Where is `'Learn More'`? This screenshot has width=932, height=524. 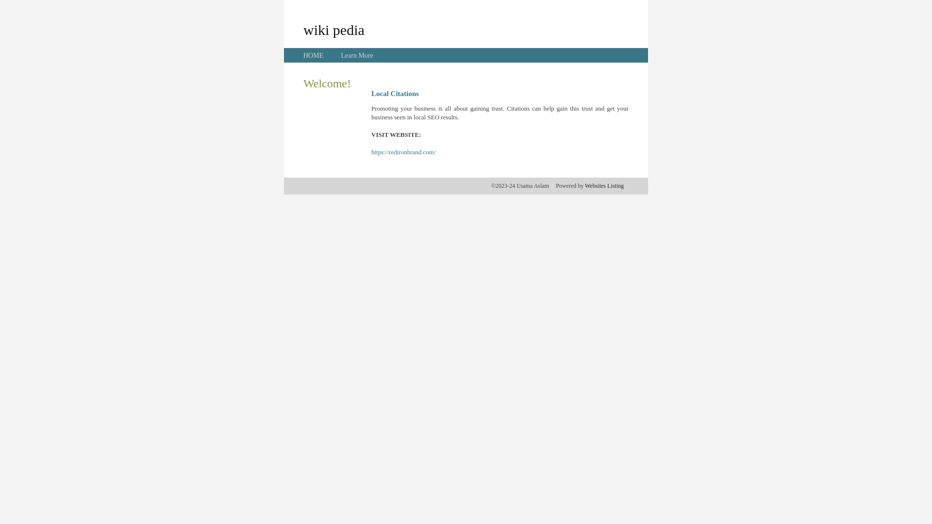 'Learn More' is located at coordinates (340, 55).